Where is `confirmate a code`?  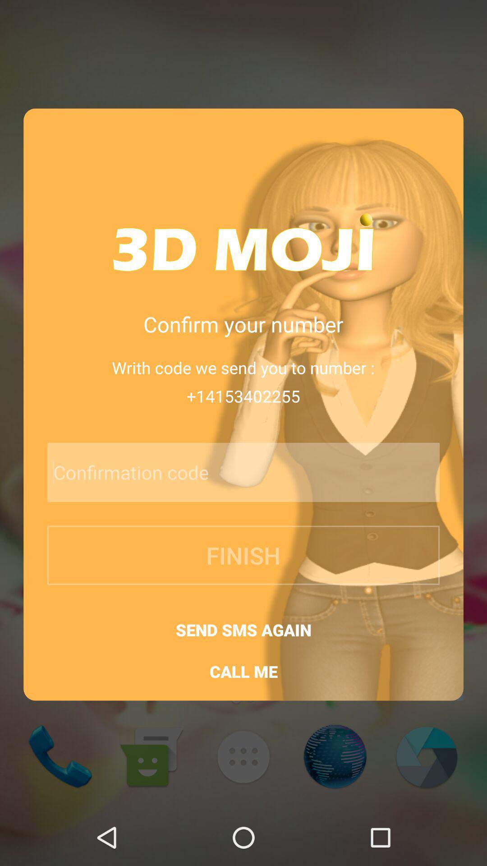
confirmate a code is located at coordinates (220, 472).